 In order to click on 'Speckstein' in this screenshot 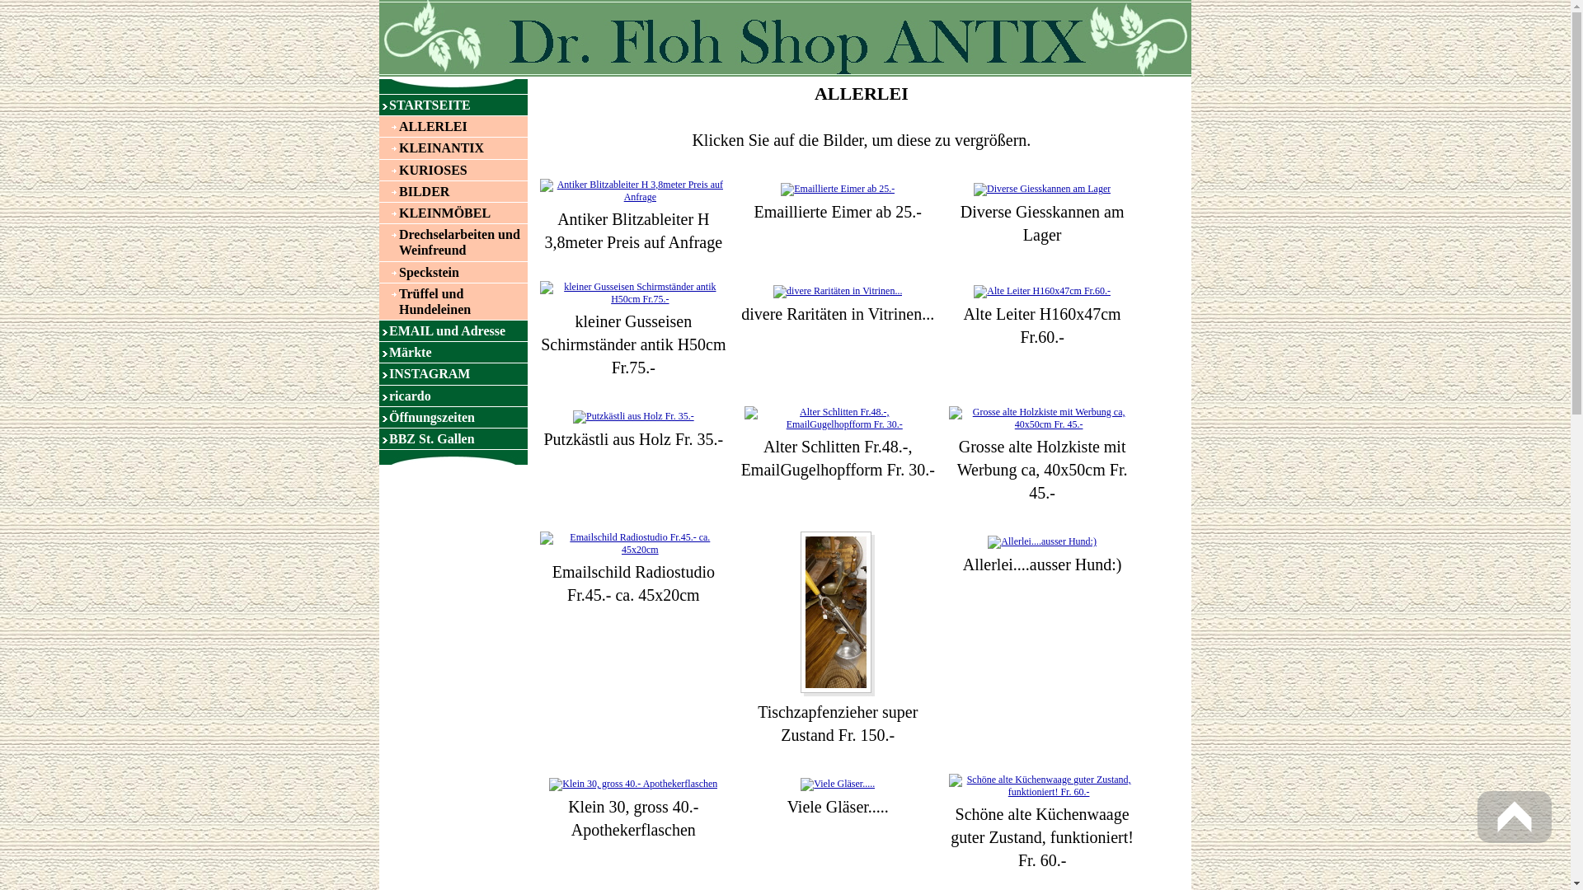, I will do `click(378, 271)`.